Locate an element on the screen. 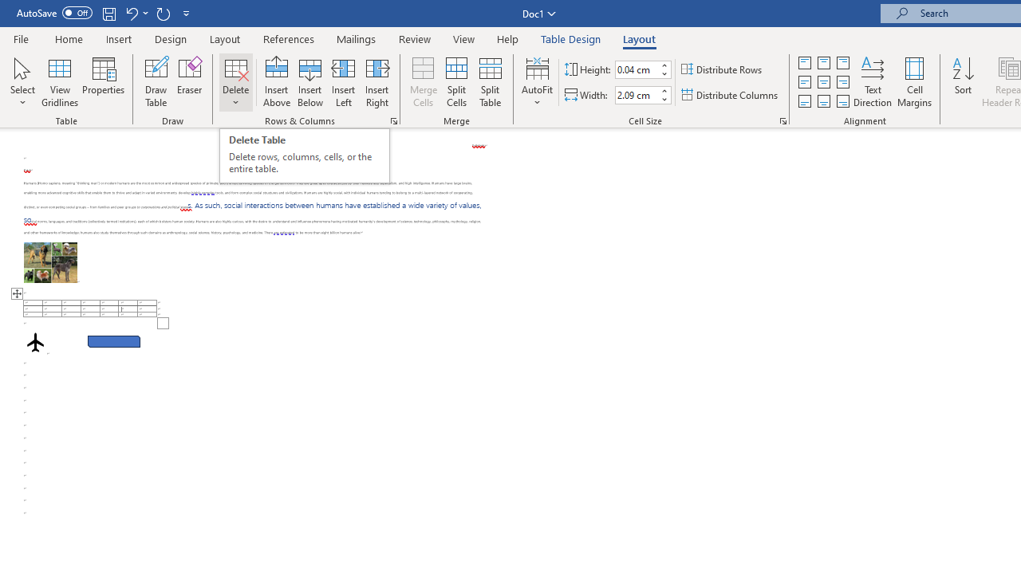 The height and width of the screenshot is (574, 1021). 'Less' is located at coordinates (664, 99).